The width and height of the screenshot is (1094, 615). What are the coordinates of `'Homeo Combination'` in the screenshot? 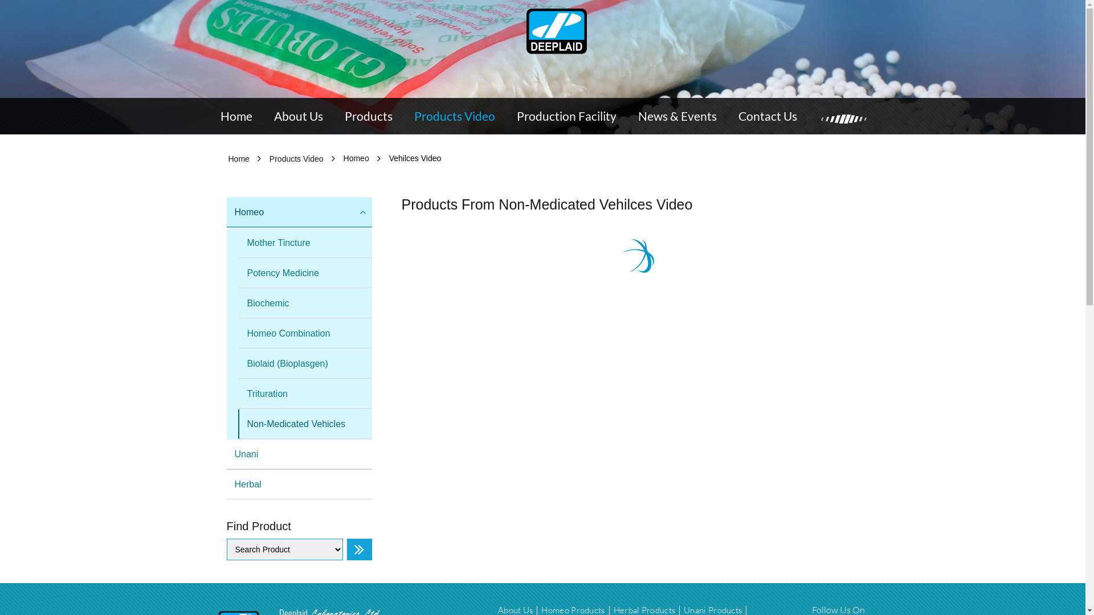 It's located at (305, 333).